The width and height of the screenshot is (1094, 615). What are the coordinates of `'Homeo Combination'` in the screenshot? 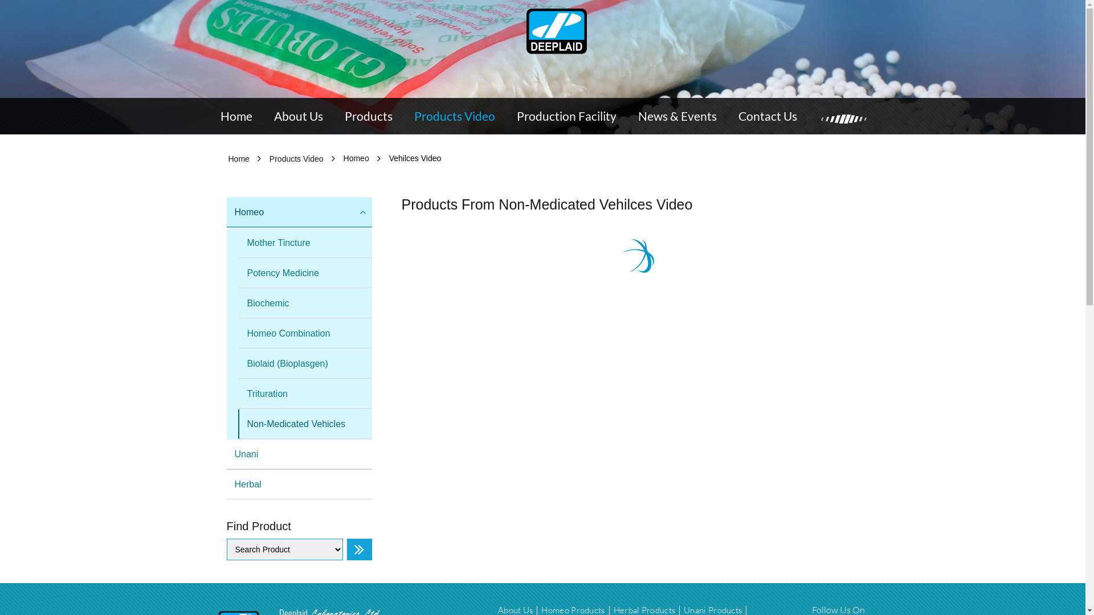 It's located at (305, 333).